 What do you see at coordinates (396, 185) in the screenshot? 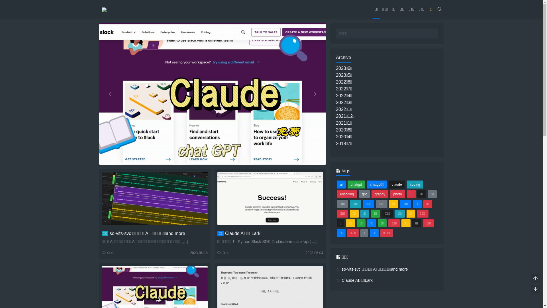
I see `'claude'` at bounding box center [396, 185].